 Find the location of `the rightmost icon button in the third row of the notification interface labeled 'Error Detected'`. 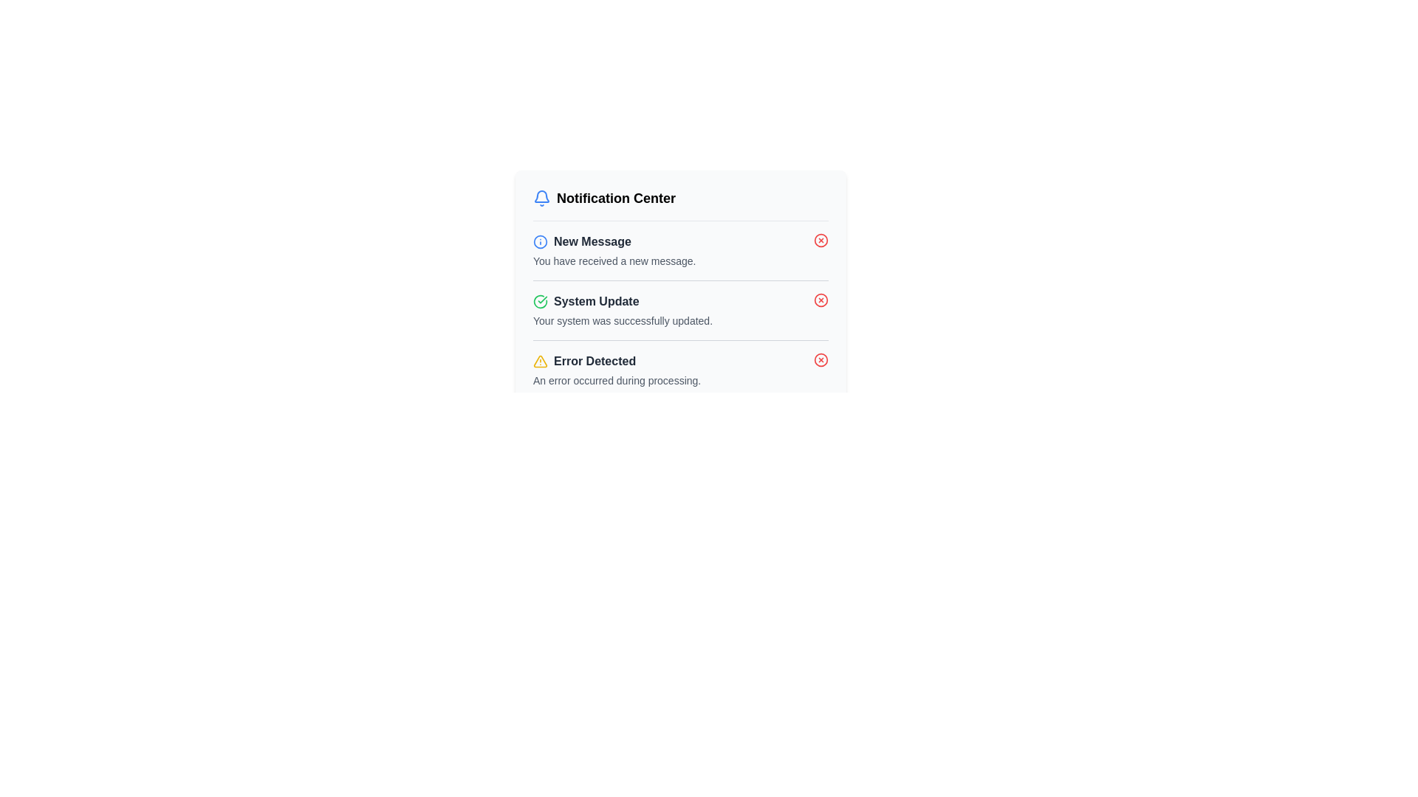

the rightmost icon button in the third row of the notification interface labeled 'Error Detected' is located at coordinates (821, 360).